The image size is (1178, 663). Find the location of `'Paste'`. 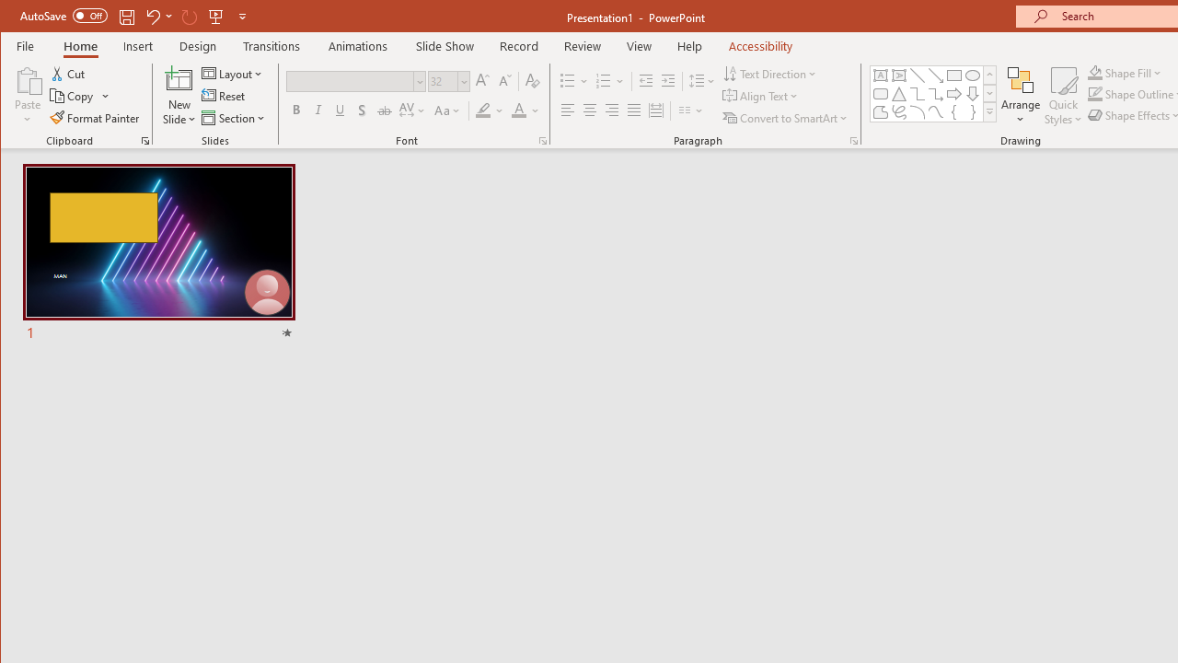

'Paste' is located at coordinates (28, 78).